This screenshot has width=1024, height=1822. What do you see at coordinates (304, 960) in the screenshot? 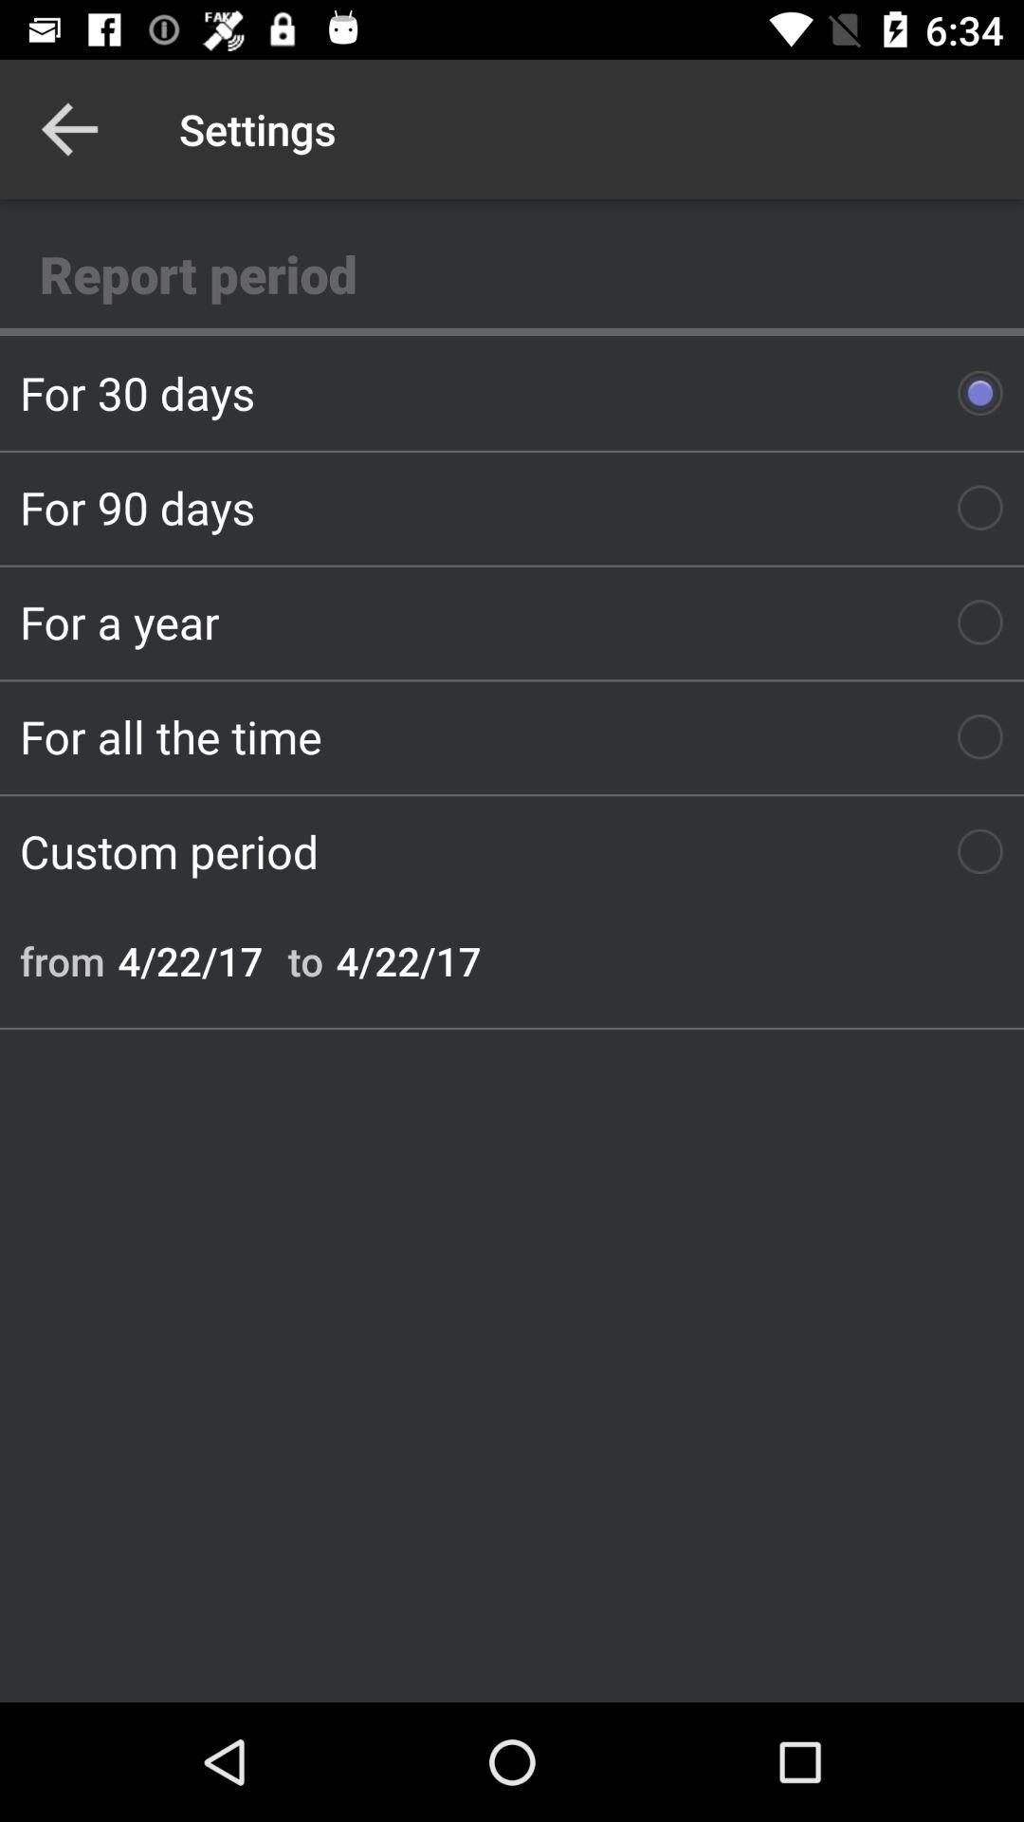
I see `the icon to the left of 4/22/17 icon` at bounding box center [304, 960].